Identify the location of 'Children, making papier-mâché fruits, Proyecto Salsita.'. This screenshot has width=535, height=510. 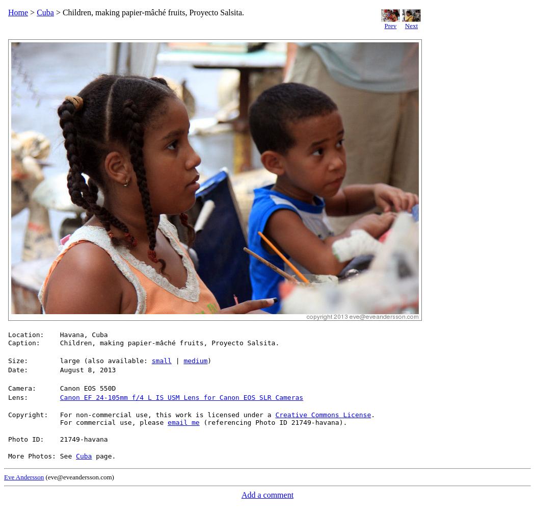
(169, 343).